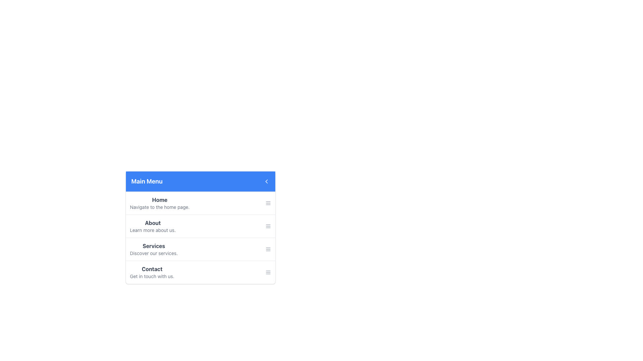 This screenshot has width=643, height=361. Describe the element at coordinates (152, 272) in the screenshot. I see `the 'Contact' section text grouping in the 'Main Menu', which is located below the 'Services' item and above a navigational icon` at that location.